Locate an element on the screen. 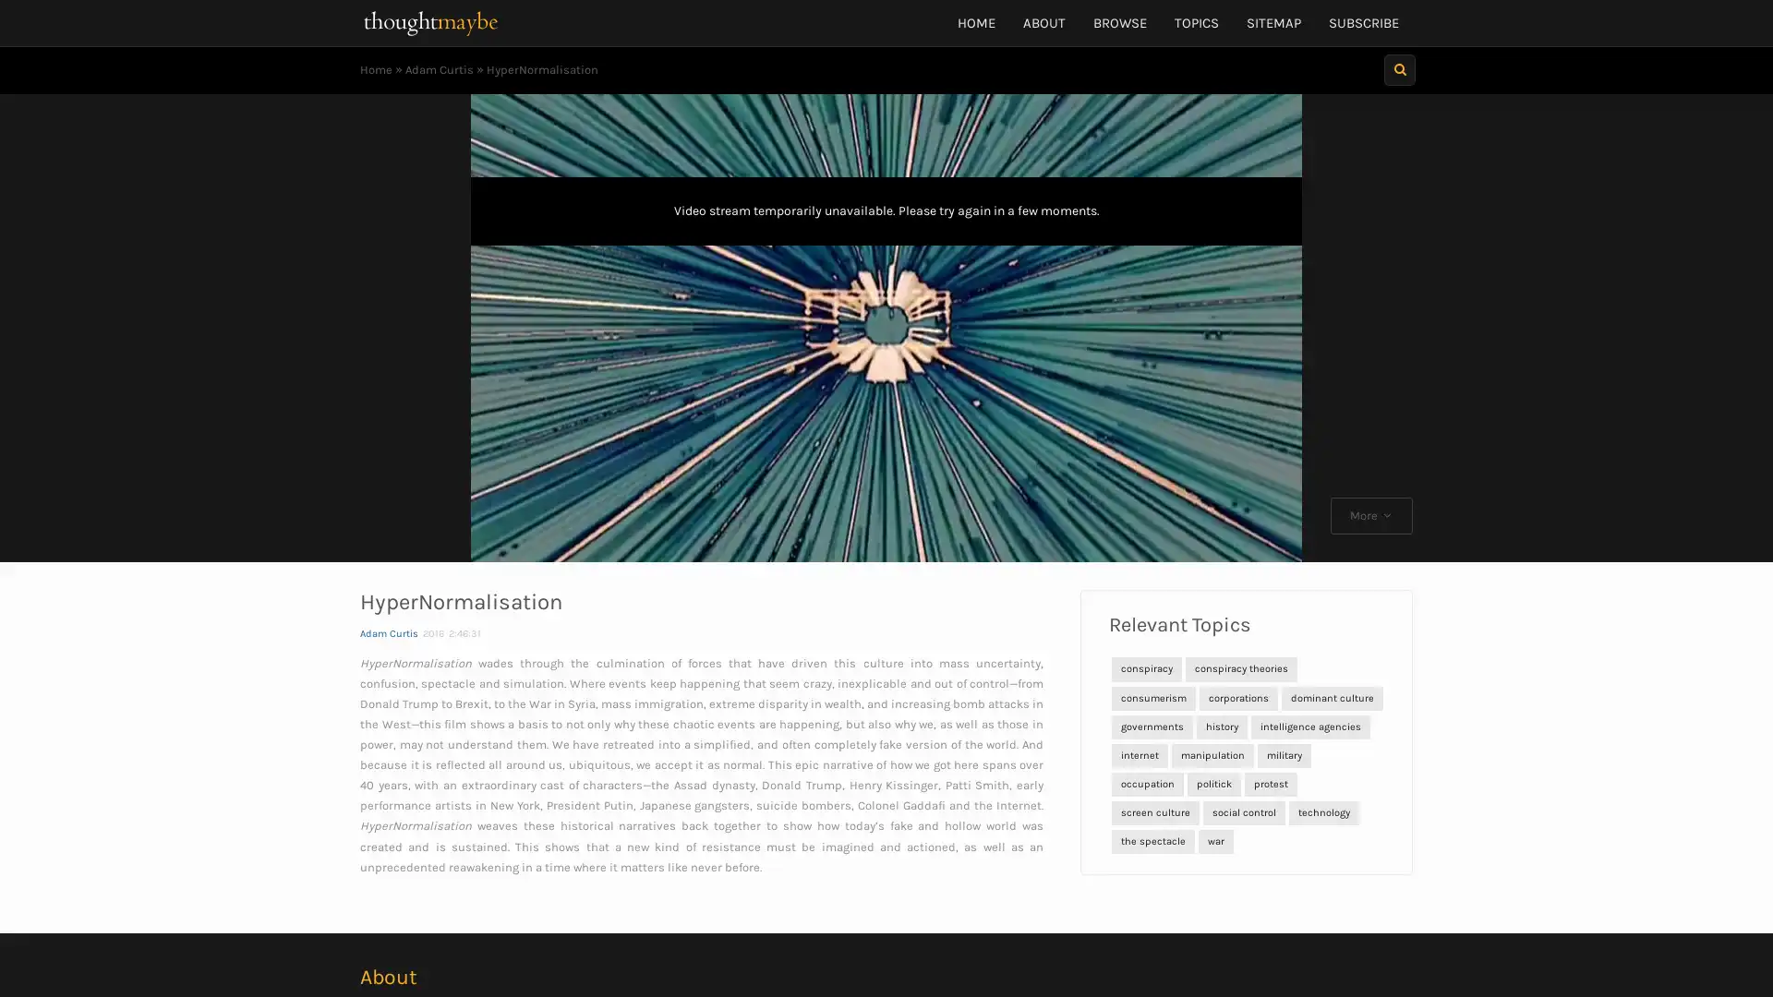 Image resolution: width=1773 pixels, height=997 pixels. Fullscreen is located at coordinates (1276, 543).